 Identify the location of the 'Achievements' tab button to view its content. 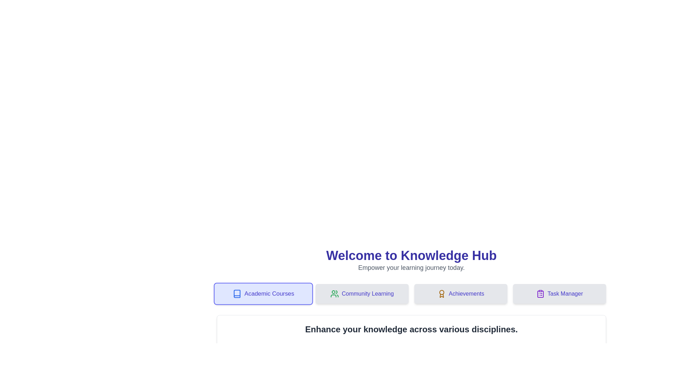
(461, 294).